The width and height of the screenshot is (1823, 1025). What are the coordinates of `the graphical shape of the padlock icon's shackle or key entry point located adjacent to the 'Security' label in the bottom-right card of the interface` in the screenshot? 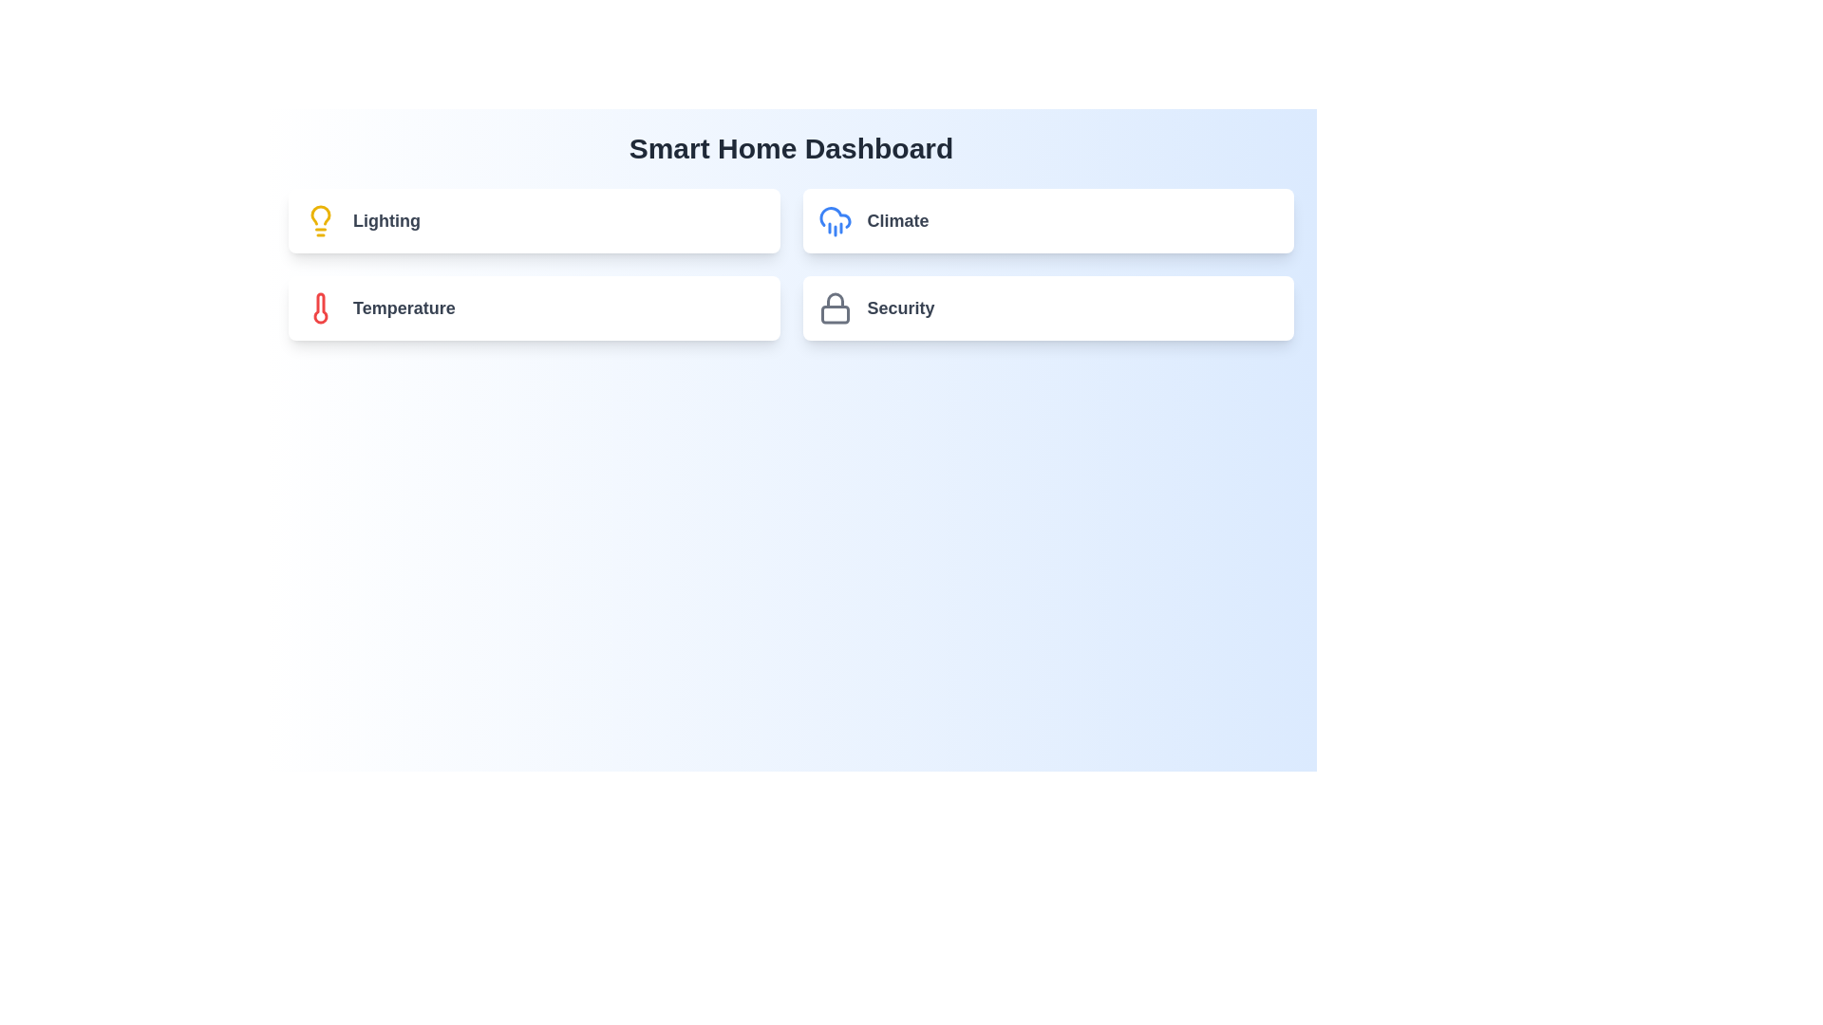 It's located at (835, 313).